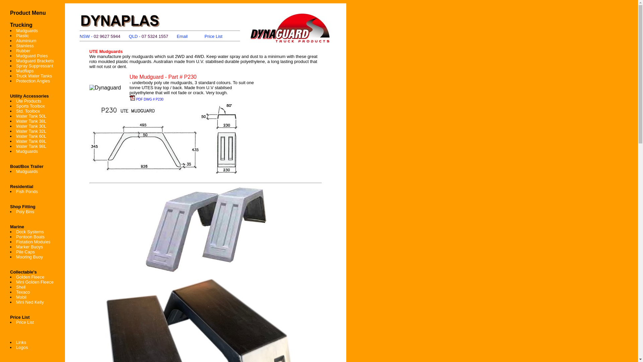  I want to click on 'Water Tank 50L', so click(30, 116).